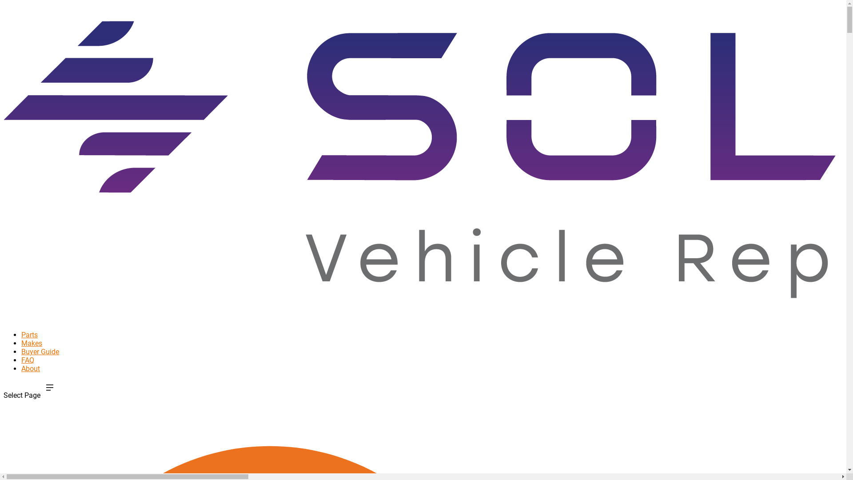  I want to click on 'Buyer Guide', so click(40, 363).